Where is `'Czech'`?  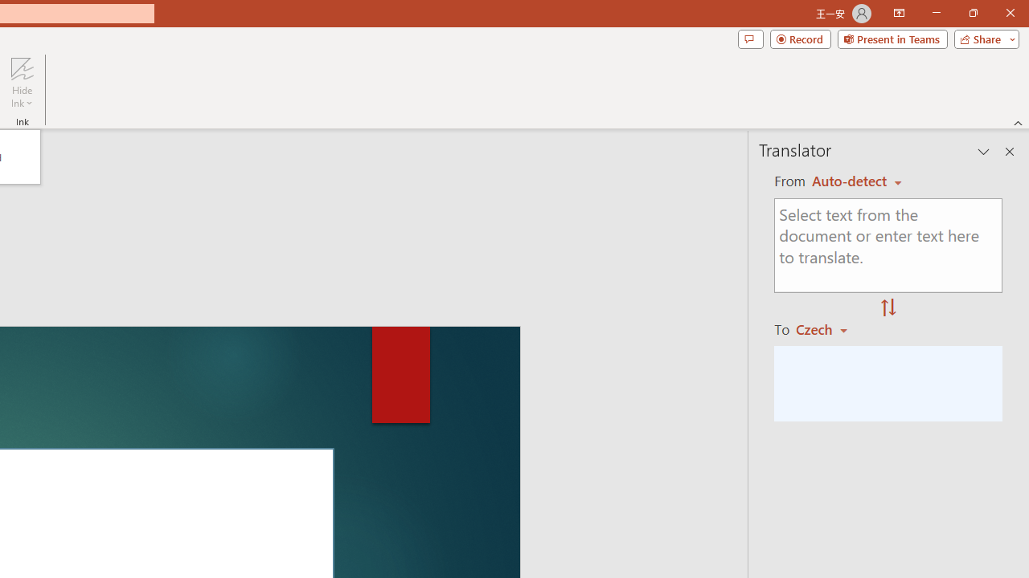
'Czech' is located at coordinates (829, 328).